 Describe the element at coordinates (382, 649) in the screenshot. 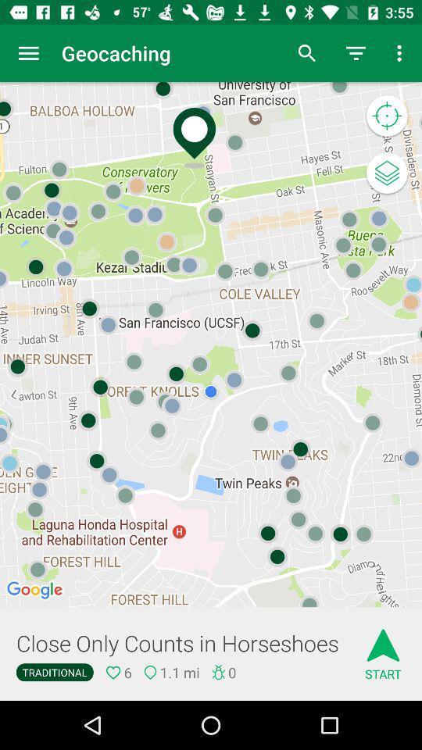

I see `the item next to the close only counts icon` at that location.